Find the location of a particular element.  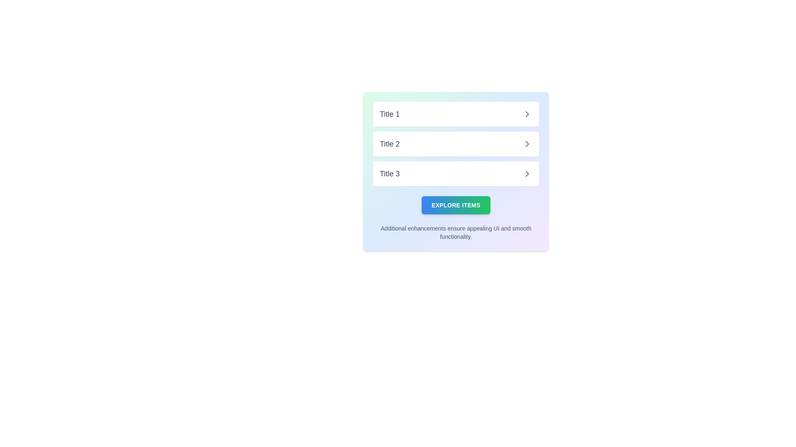

the rectangular button labeled 'EXPLORE ITEMS' with a gradient background transitioning from blue to green, located beneath three list items and above a block of text is located at coordinates (455, 205).